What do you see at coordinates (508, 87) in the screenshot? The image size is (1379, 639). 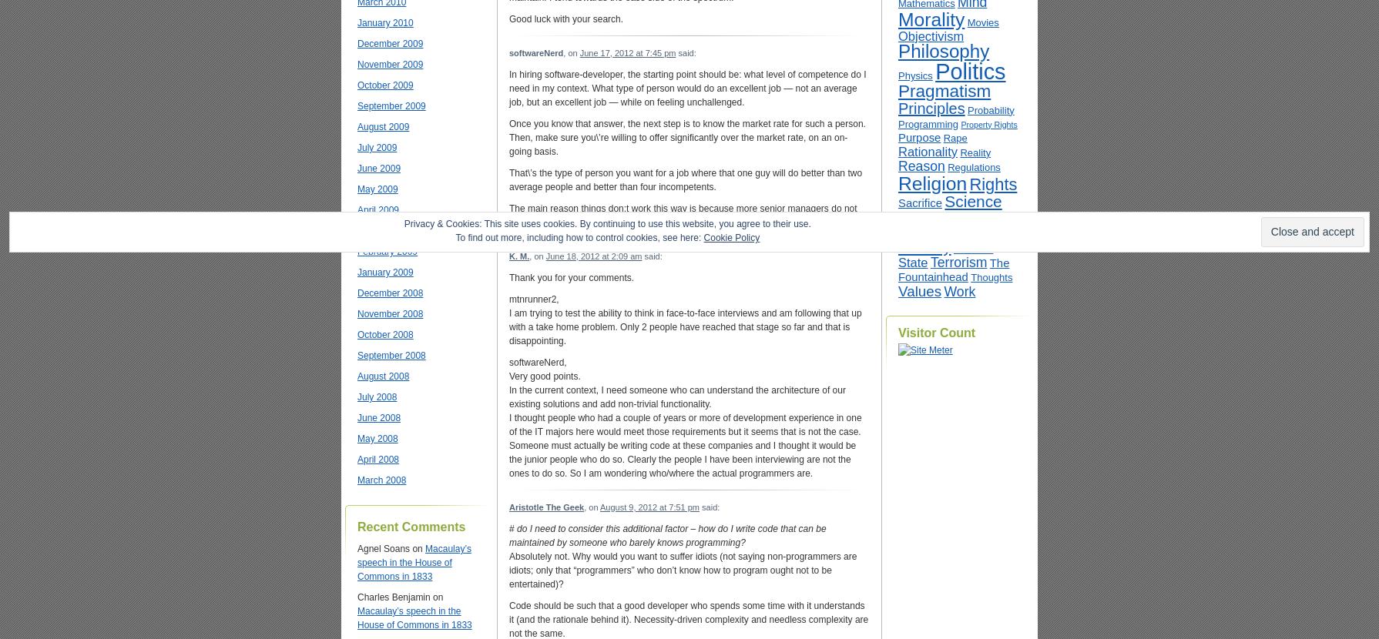 I see `'In hiring software-developer, the starting point should be: what level of competence do I need in my context. What type of person would do an excellent job — not an average job, but an excellent job — while on feeling unchallenged.'` at bounding box center [508, 87].